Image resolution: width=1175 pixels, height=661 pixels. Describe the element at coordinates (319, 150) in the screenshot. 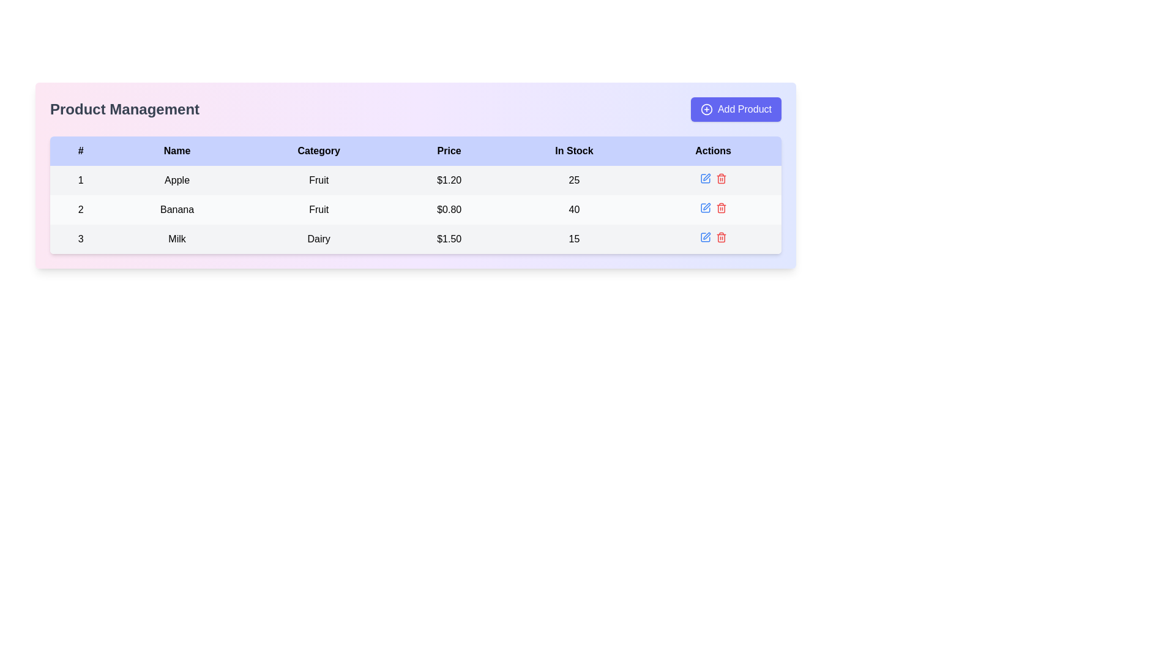

I see `the 'Category' label in the table header, which is the third column header, providing context for the data underneath it` at that location.